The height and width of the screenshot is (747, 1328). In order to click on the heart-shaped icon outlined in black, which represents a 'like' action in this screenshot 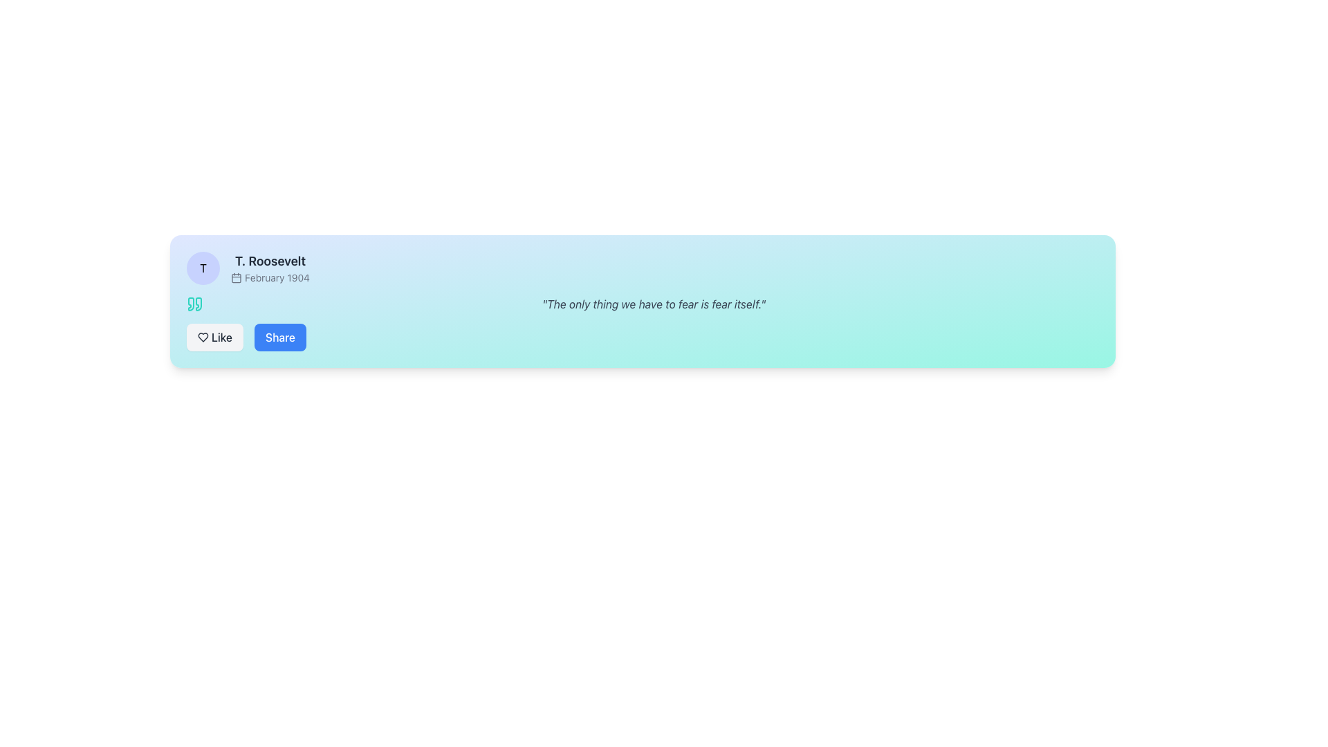, I will do `click(202, 338)`.